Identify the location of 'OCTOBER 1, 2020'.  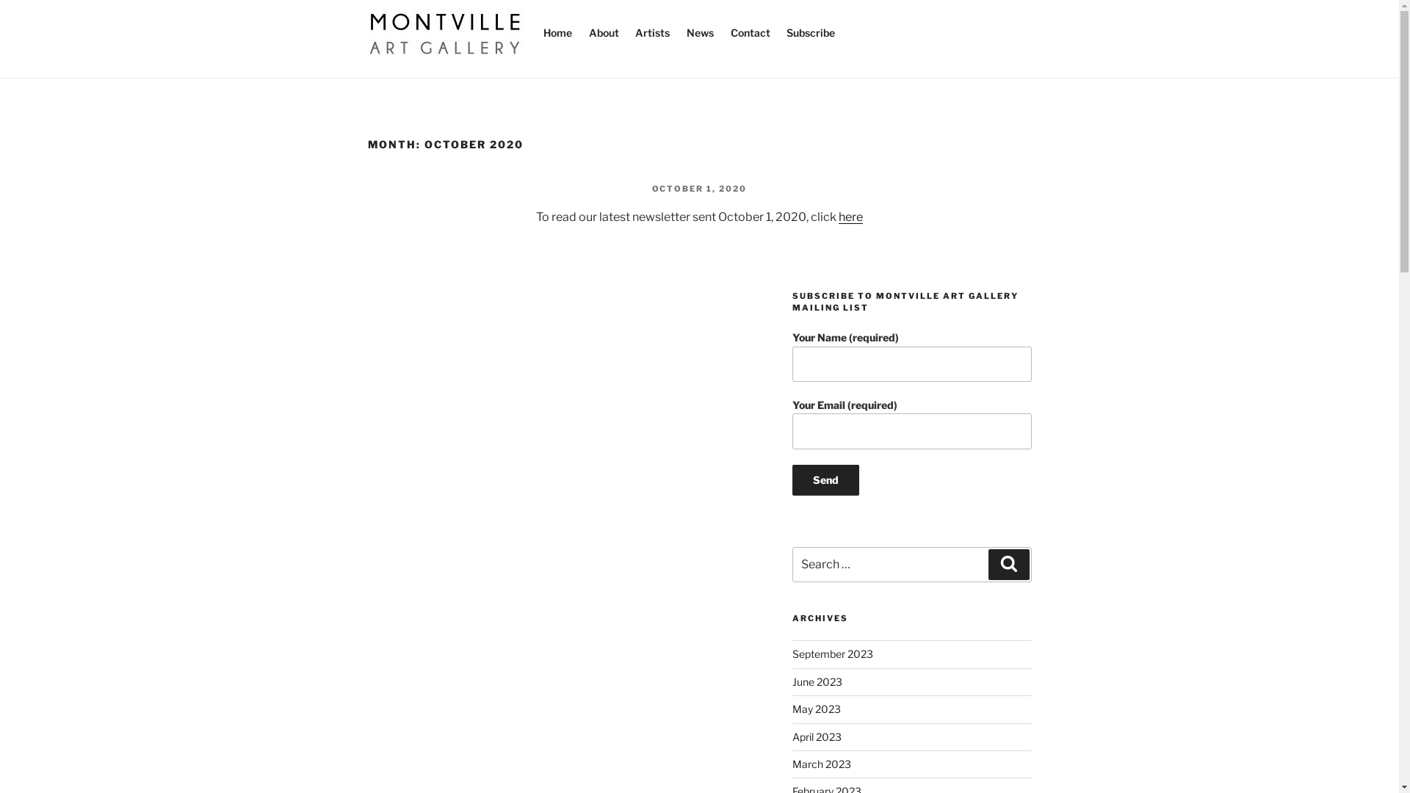
(699, 188).